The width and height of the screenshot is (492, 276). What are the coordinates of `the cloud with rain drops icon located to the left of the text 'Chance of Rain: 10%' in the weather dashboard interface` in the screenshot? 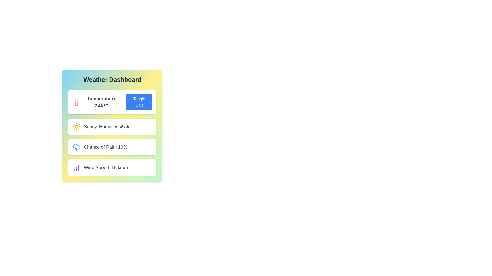 It's located at (76, 147).